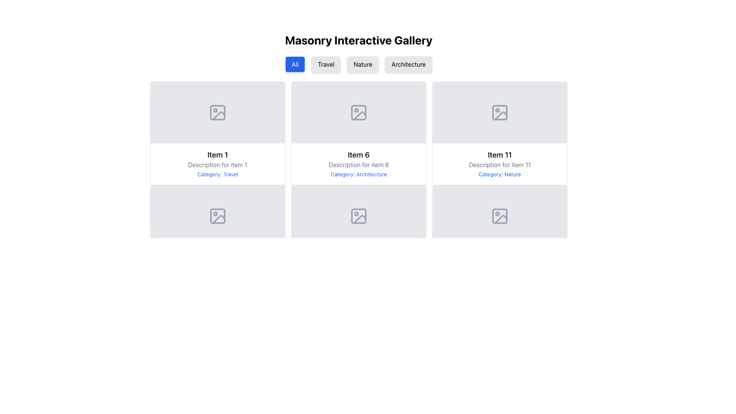 This screenshot has width=736, height=414. Describe the element at coordinates (217, 112) in the screenshot. I see `the Image placeholder element located at the top section of the card titled 'Item 1', which features a light gray background and an icon resembling an image placeholder` at that location.